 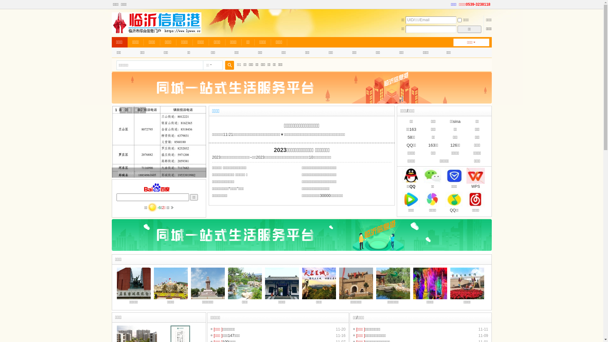 What do you see at coordinates (229, 65) in the screenshot?
I see `'true'` at bounding box center [229, 65].